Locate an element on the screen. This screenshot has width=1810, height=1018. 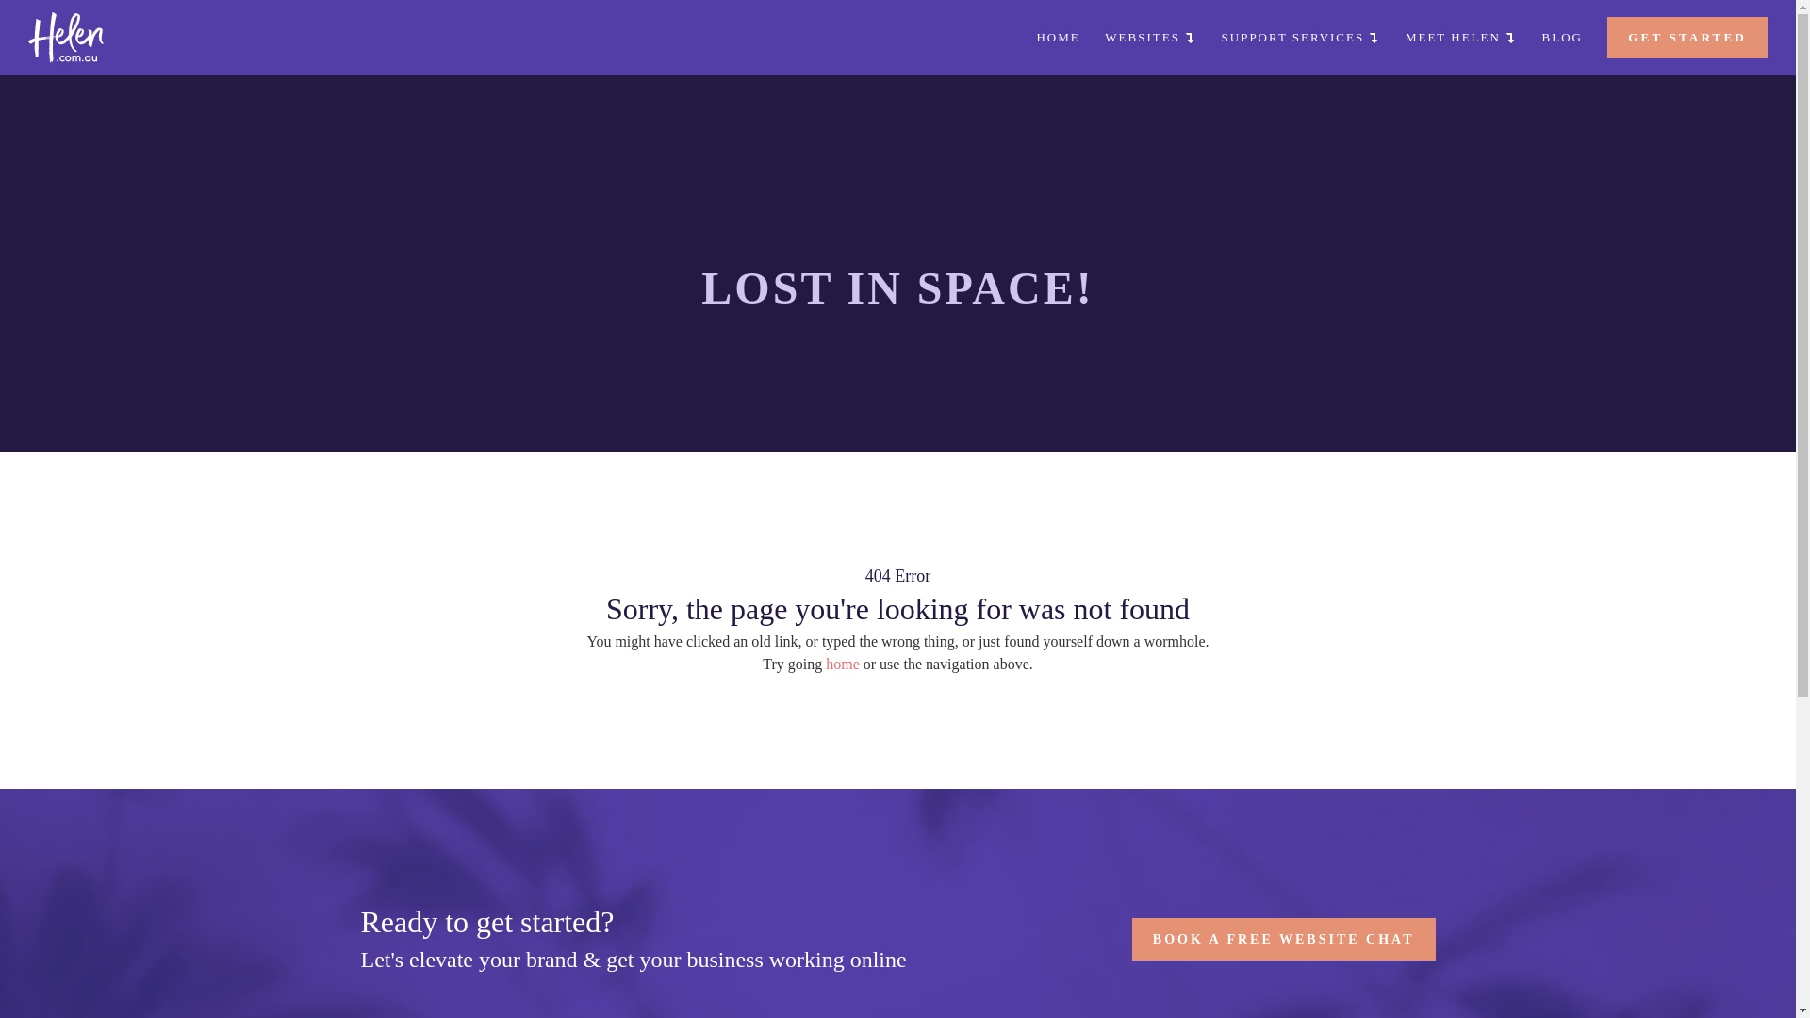
'home' is located at coordinates (841, 663).